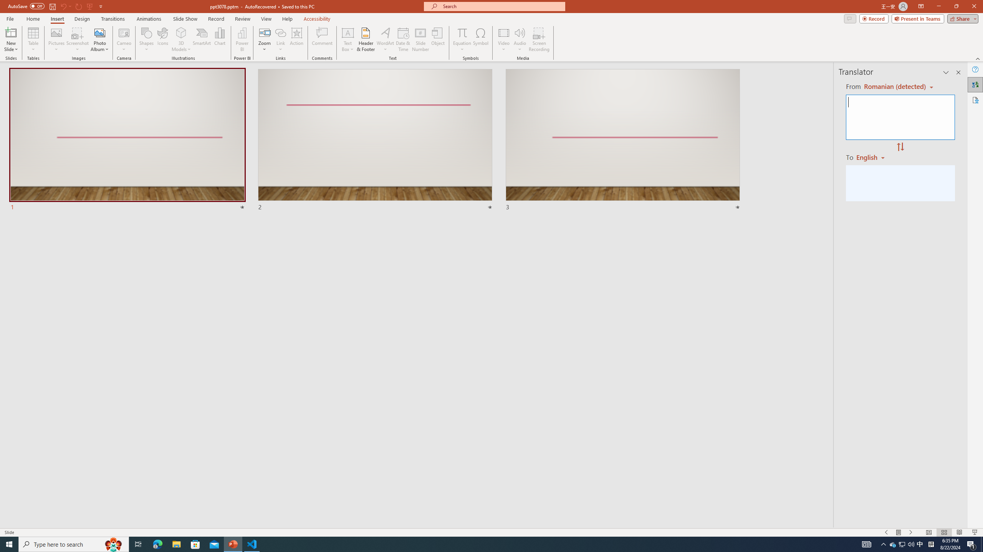 This screenshot has height=552, width=983. Describe the element at coordinates (220, 39) in the screenshot. I see `'Chart...'` at that location.